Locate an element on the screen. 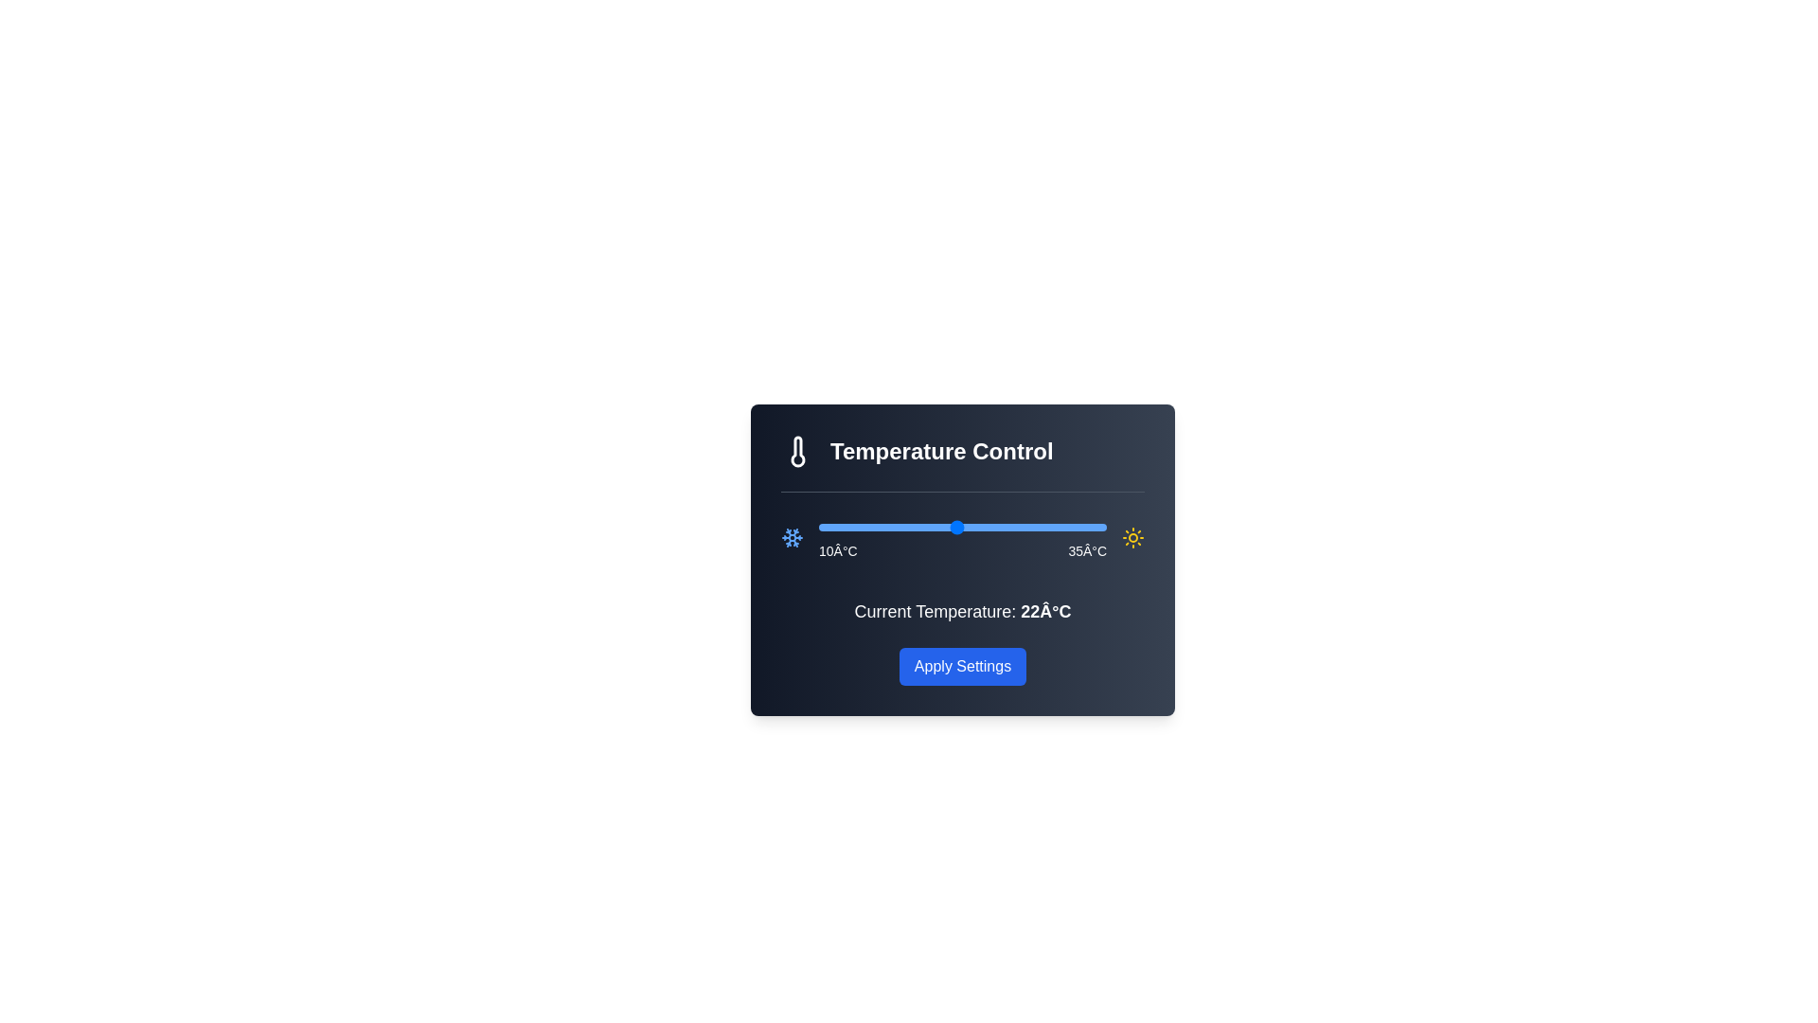  the temperature slider to set it to 34°C is located at coordinates (1095, 527).